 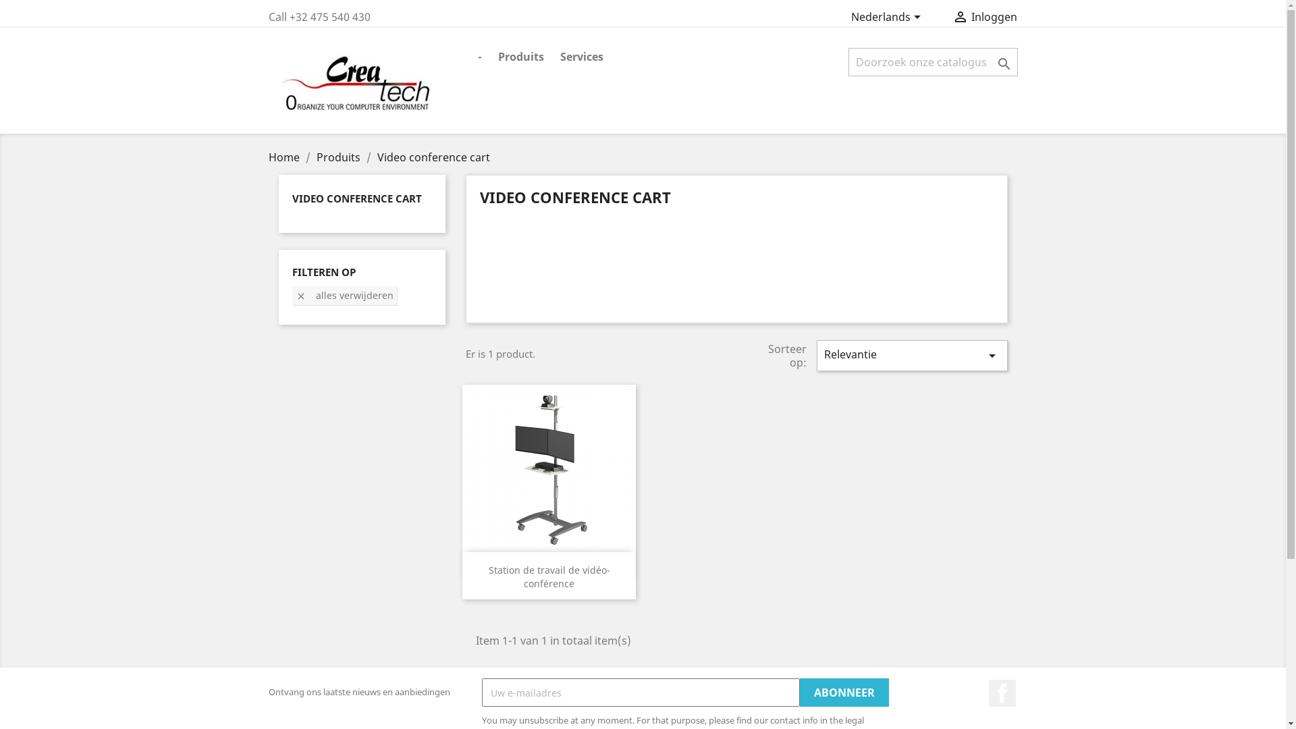 I want to click on 'Video conference cart', so click(x=433, y=156).